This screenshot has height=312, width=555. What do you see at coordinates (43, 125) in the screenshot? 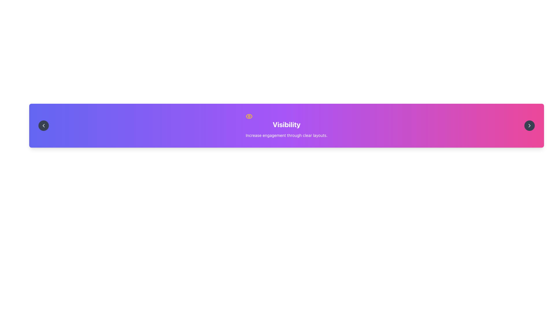
I see `the circular button with a dark gray background and white leftward chevron icon` at bounding box center [43, 125].